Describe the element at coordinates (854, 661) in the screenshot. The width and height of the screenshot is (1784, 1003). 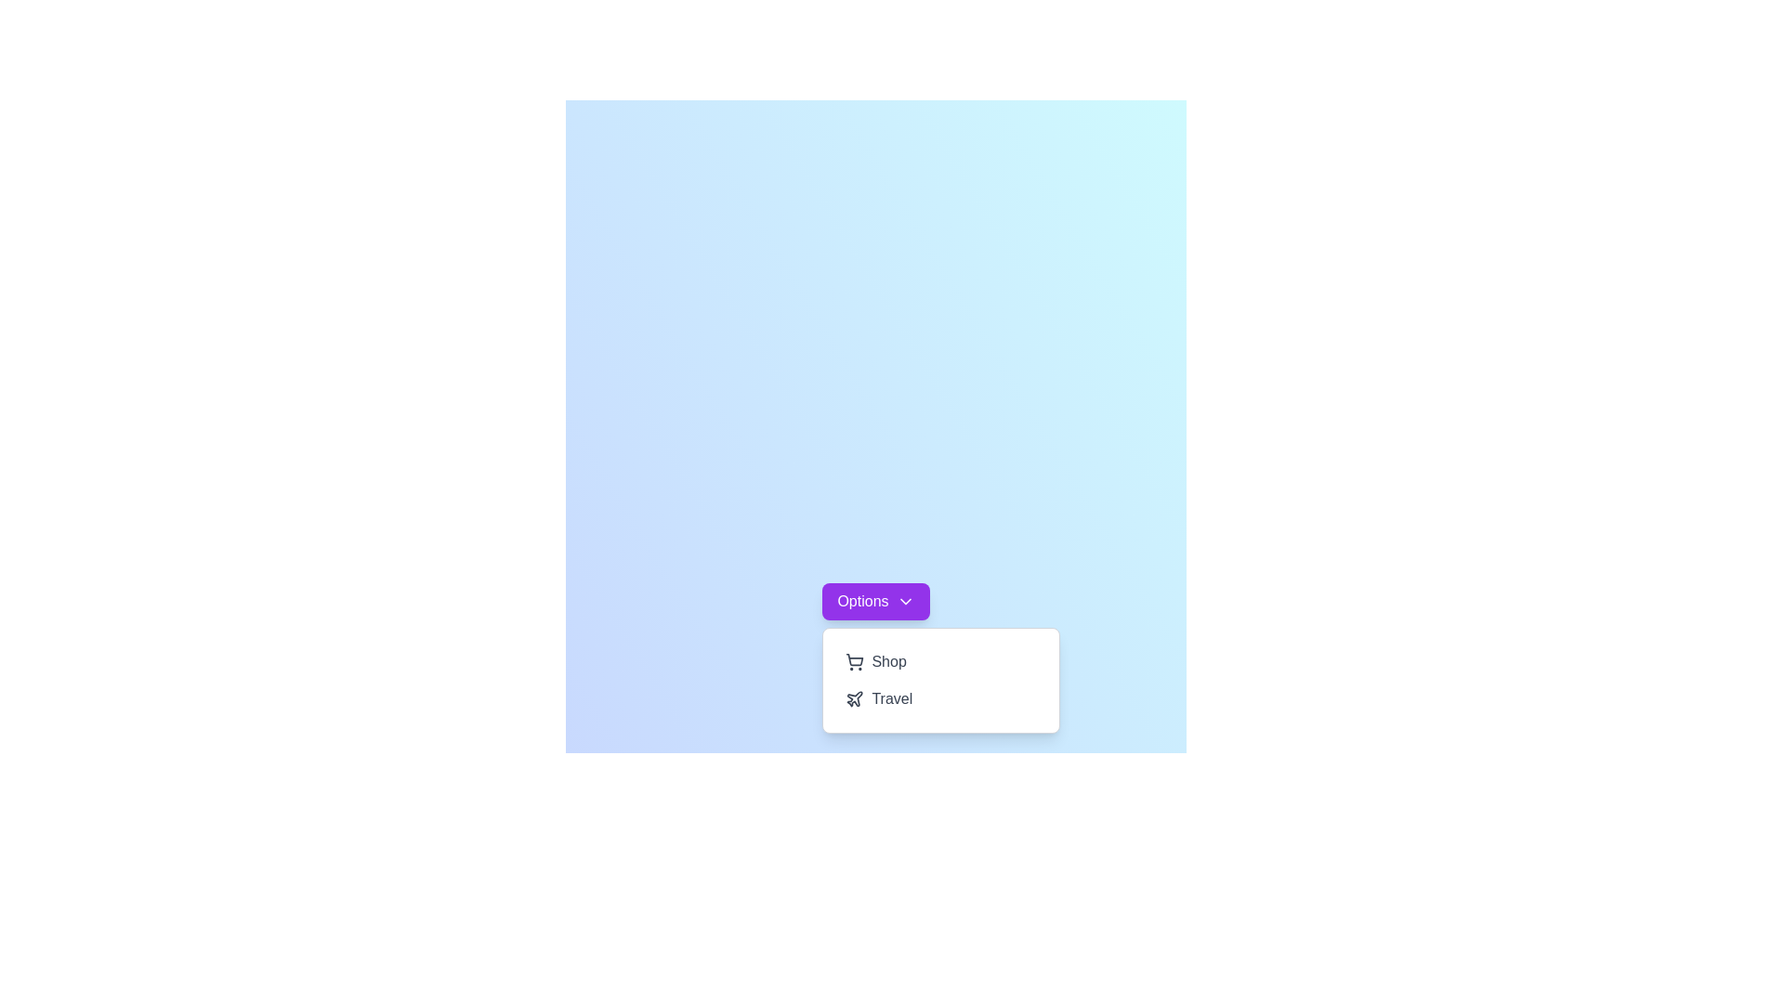
I see `the shopping cart icon in the 'Shop' menu, which is styled with a modern line art design and is located next to the 'Shop' text` at that location.